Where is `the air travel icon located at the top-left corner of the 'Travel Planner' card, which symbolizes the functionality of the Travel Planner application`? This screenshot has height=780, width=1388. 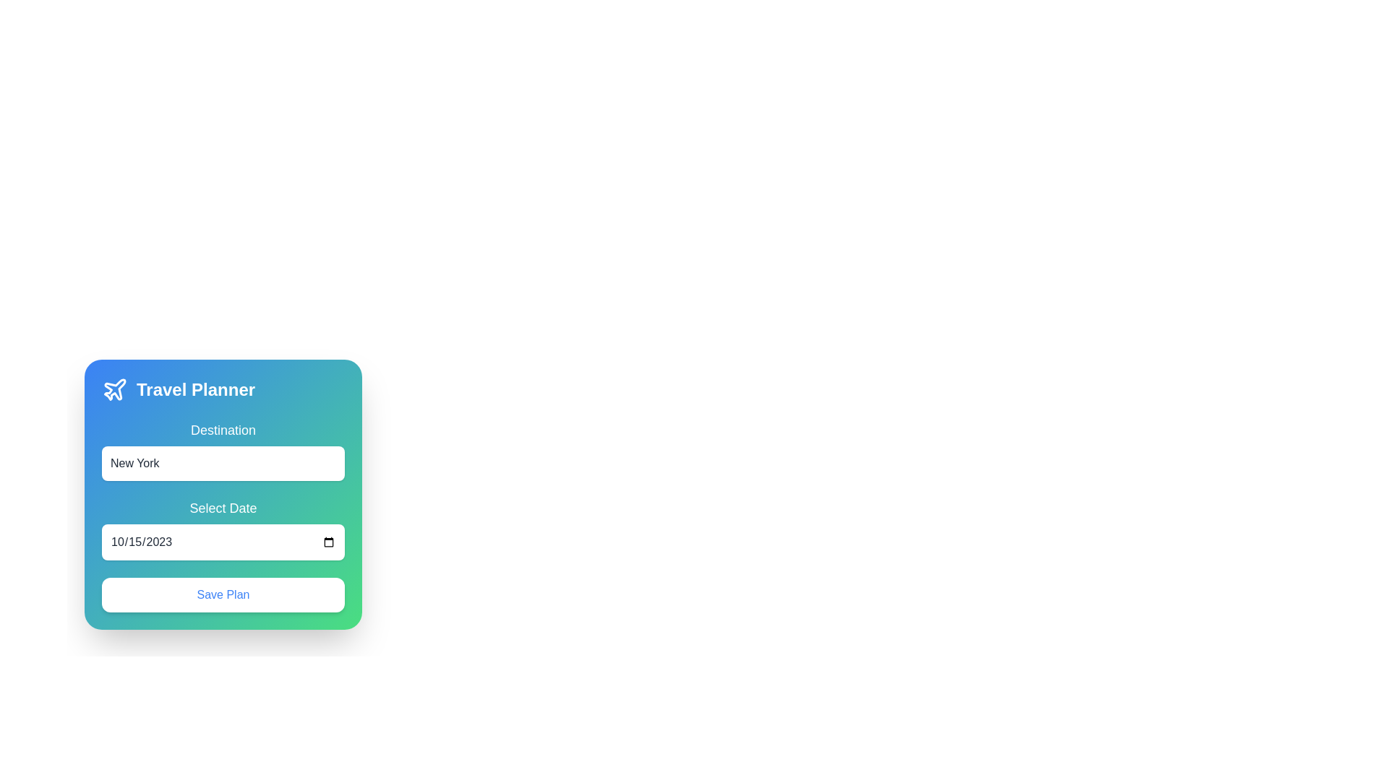
the air travel icon located at the top-left corner of the 'Travel Planner' card, which symbolizes the functionality of the Travel Planner application is located at coordinates (114, 389).